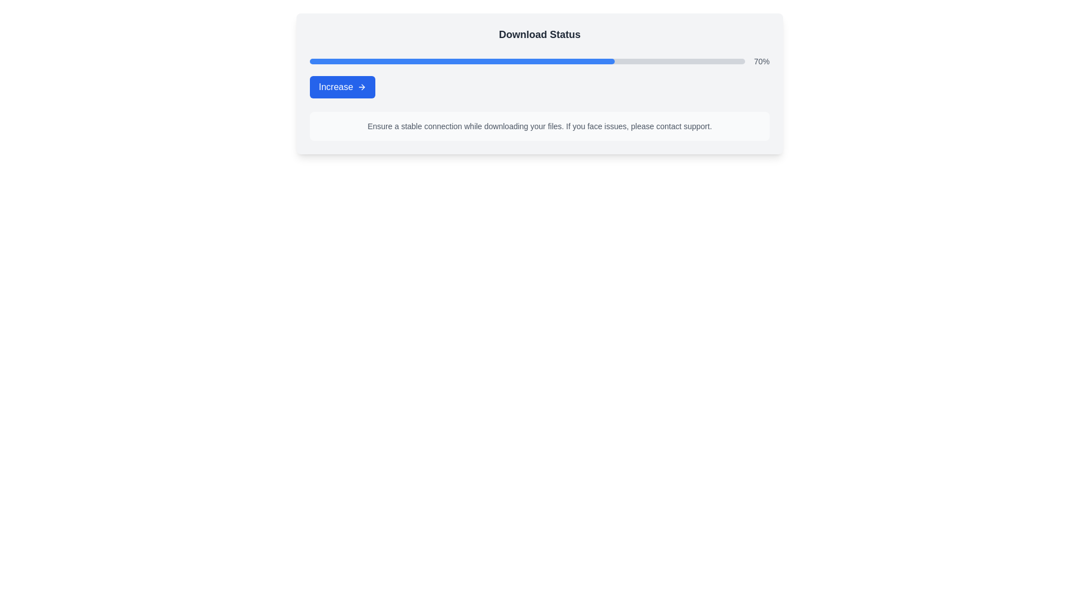  What do you see at coordinates (342, 86) in the screenshot?
I see `the blue button with rounded corners labeled 'Increase'` at bounding box center [342, 86].